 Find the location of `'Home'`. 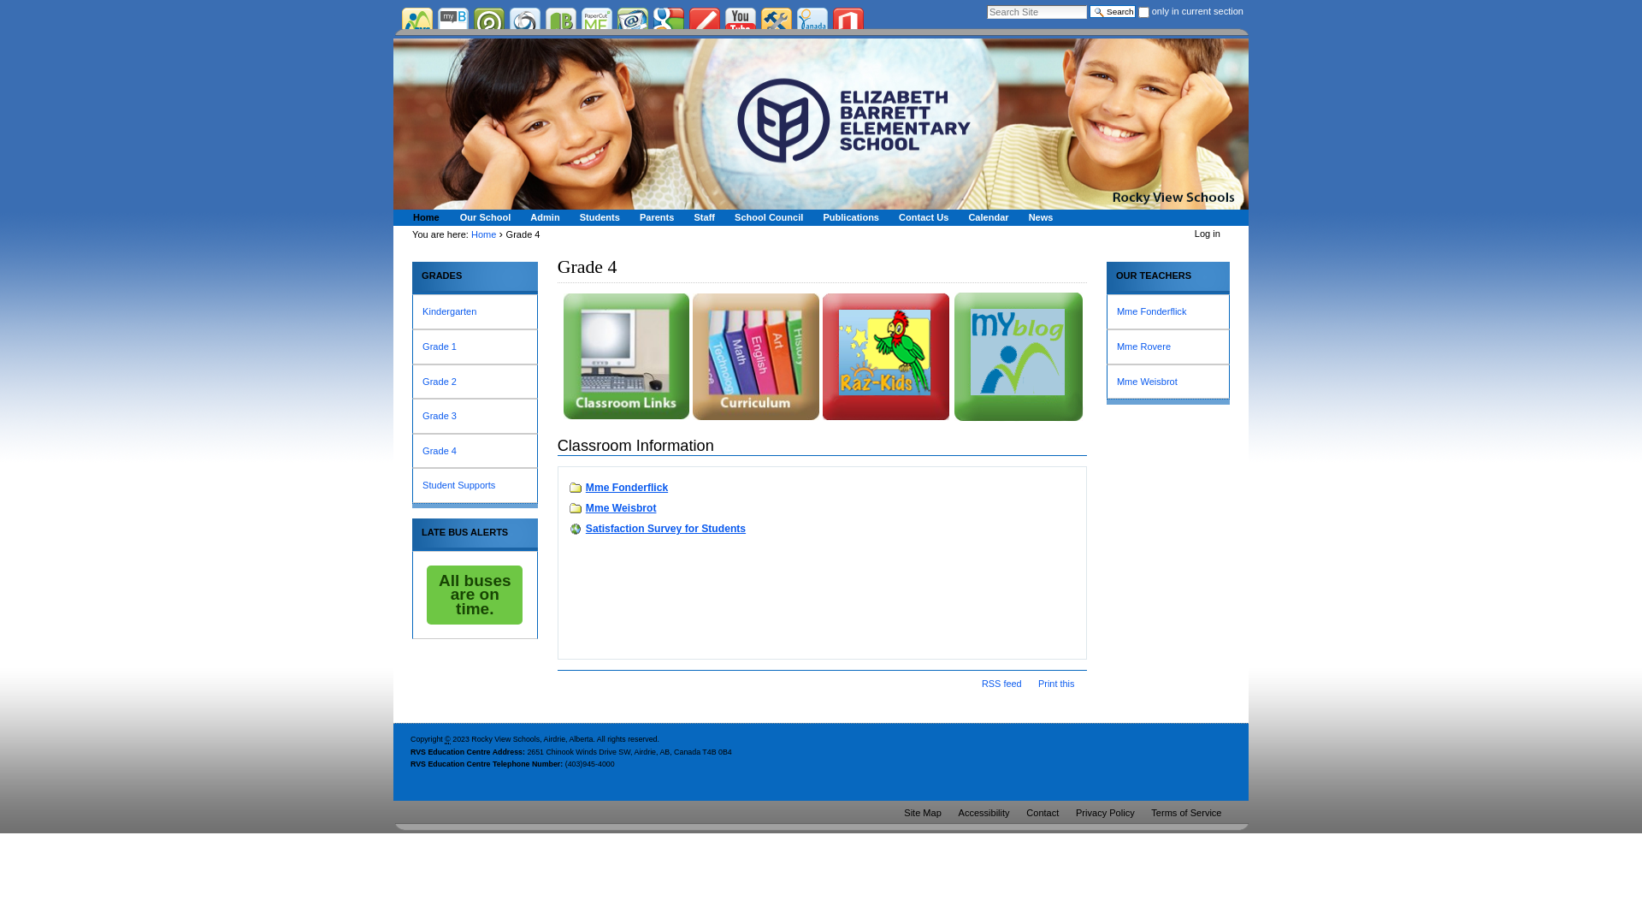

'Home' is located at coordinates (482, 234).